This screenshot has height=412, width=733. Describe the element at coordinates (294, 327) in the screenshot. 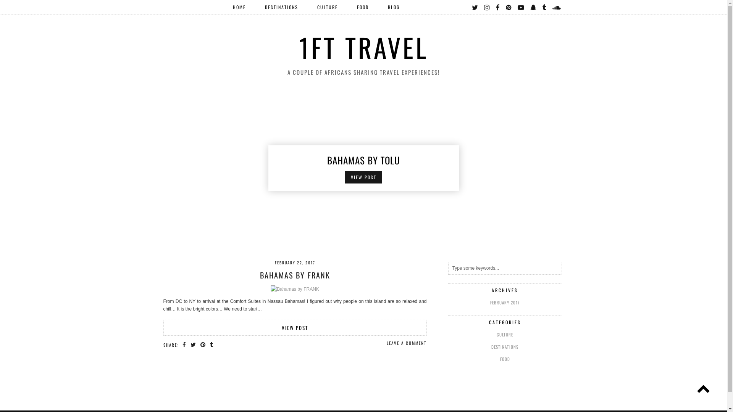

I see `'VIEW POST'` at that location.